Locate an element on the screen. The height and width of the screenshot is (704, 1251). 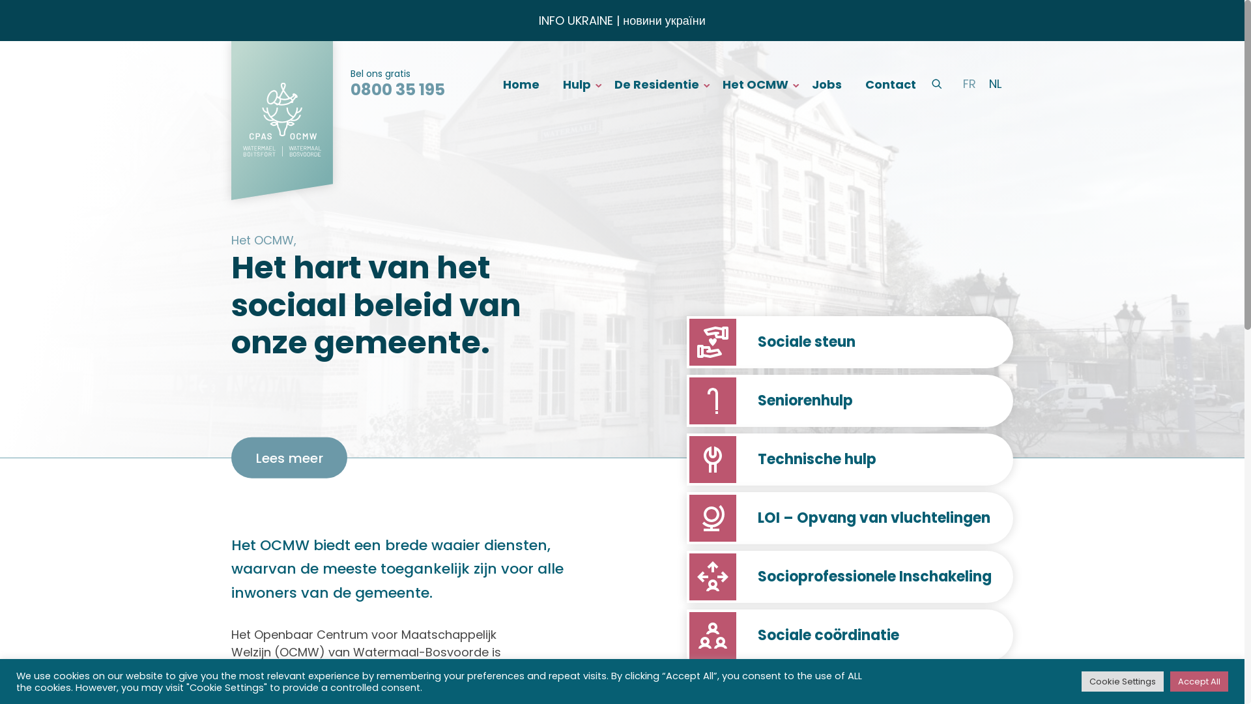
'Cookie Settings' is located at coordinates (1082, 681).